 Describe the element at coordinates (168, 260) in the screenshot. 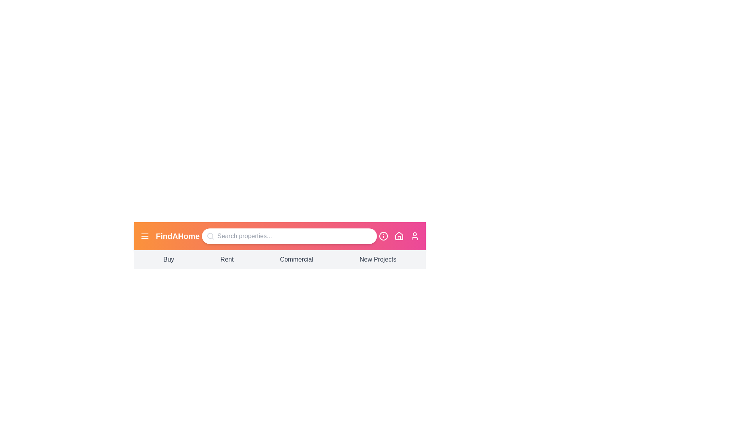

I see `the property category Buy by clicking on its respective label` at that location.